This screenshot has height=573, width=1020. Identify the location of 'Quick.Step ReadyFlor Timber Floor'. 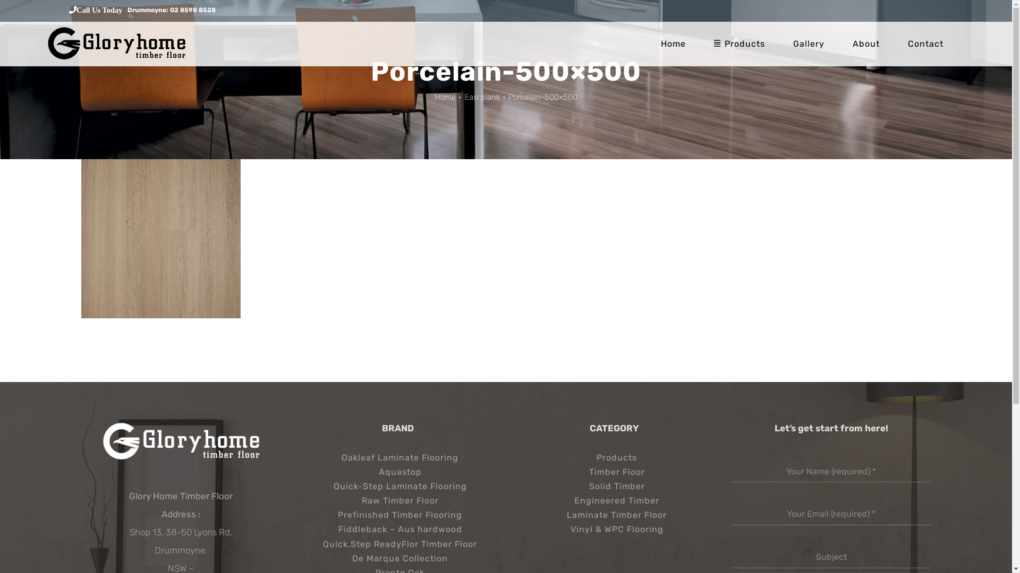
(396, 544).